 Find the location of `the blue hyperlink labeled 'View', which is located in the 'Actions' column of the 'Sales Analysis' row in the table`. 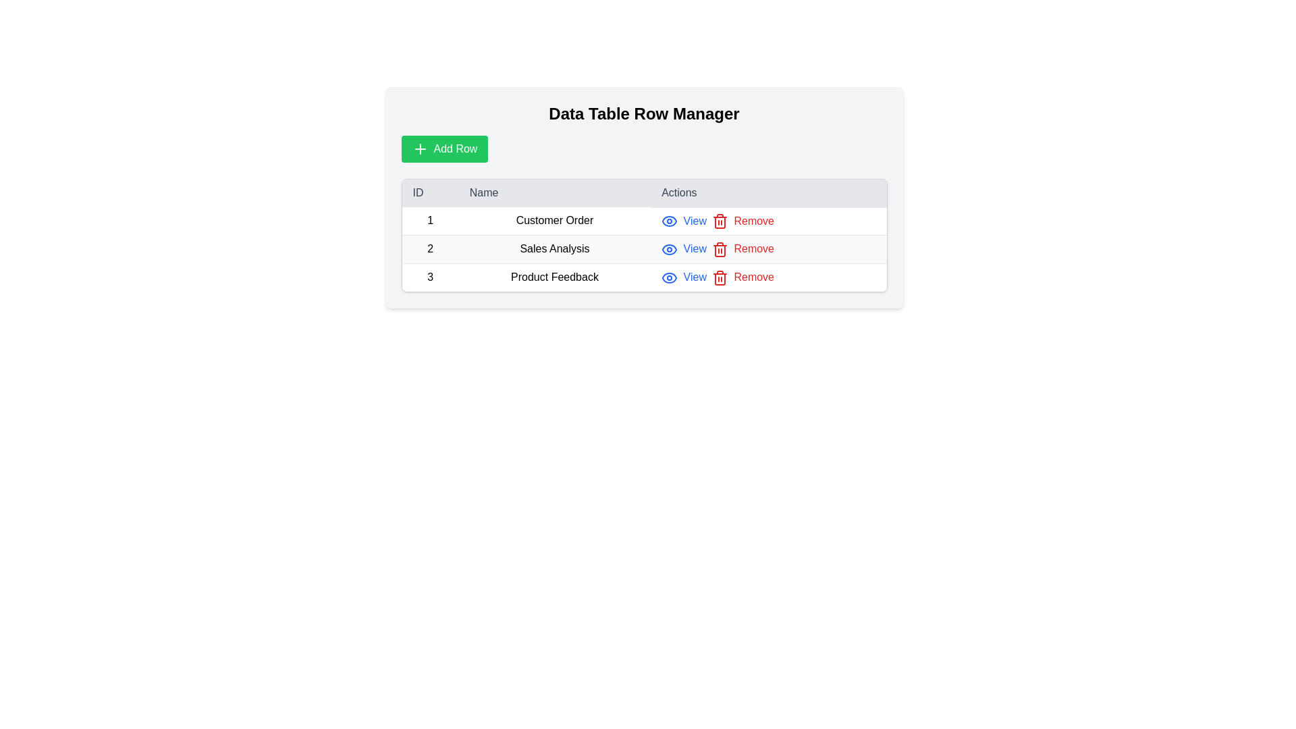

the blue hyperlink labeled 'View', which is located in the 'Actions' column of the 'Sales Analysis' row in the table is located at coordinates (684, 249).